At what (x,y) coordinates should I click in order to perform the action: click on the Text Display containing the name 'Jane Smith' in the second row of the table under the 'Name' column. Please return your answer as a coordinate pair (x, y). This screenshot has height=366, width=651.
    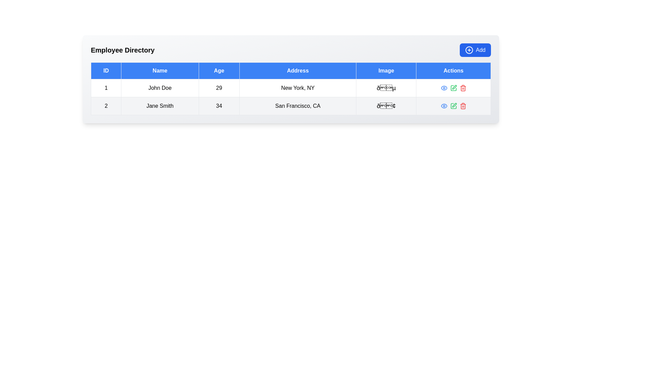
    Looking at the image, I should click on (159, 106).